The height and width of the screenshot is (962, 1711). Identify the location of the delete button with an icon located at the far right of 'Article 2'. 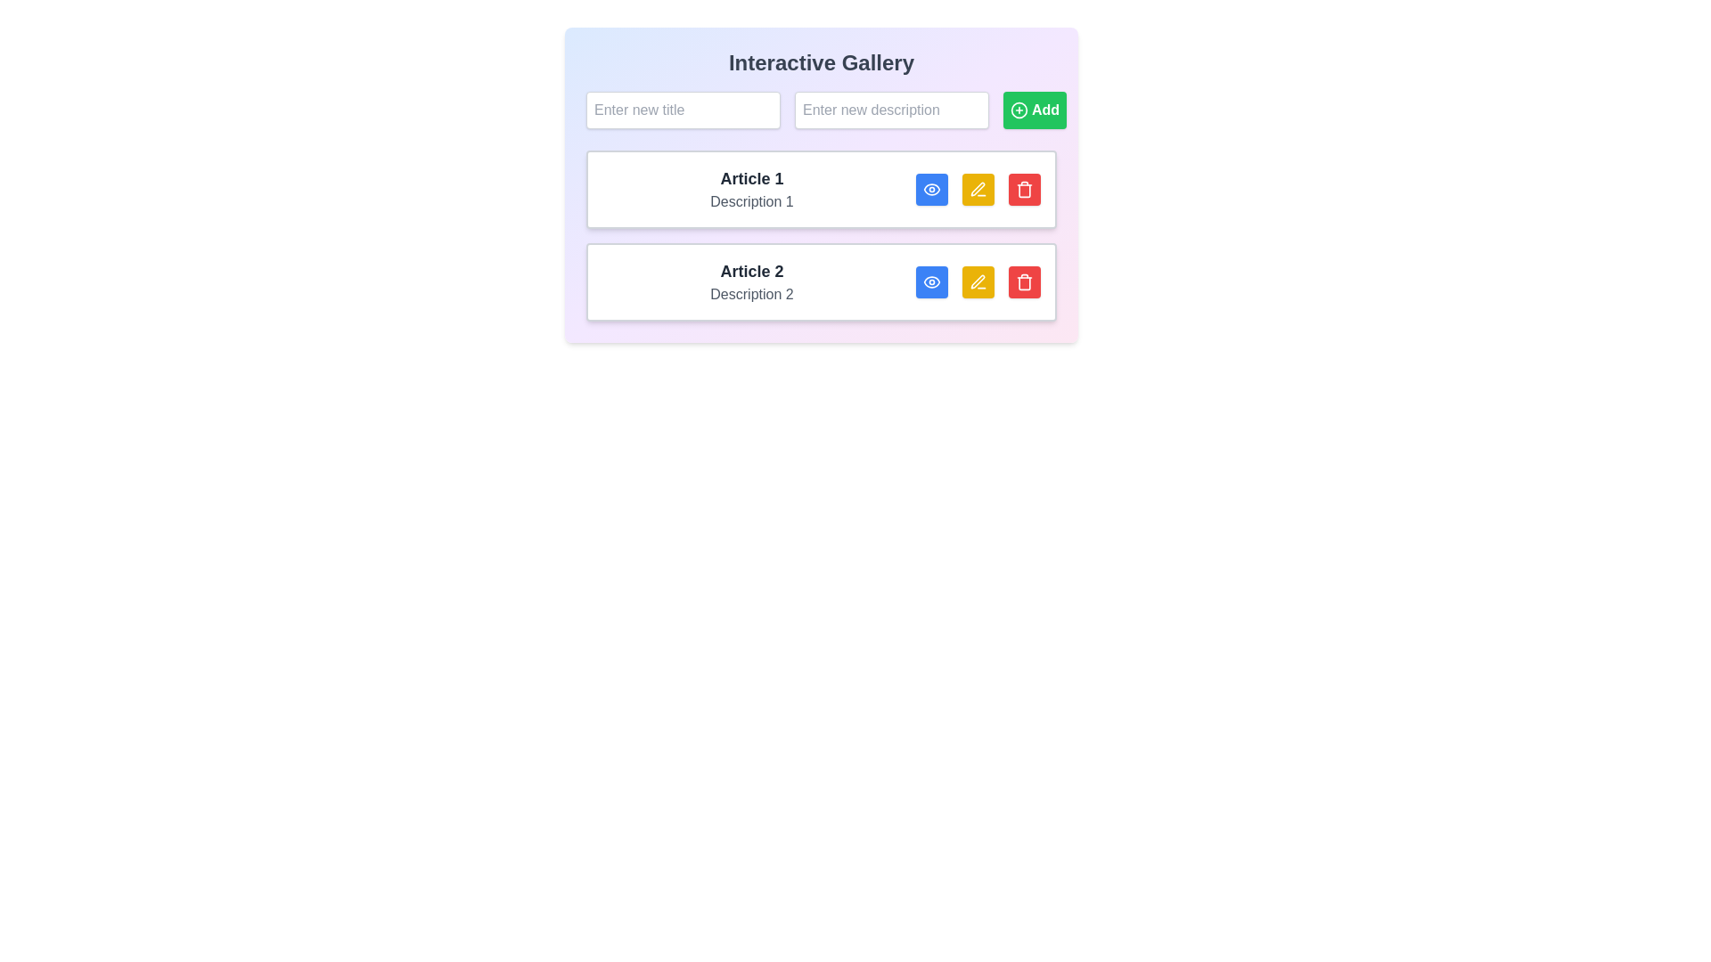
(1025, 281).